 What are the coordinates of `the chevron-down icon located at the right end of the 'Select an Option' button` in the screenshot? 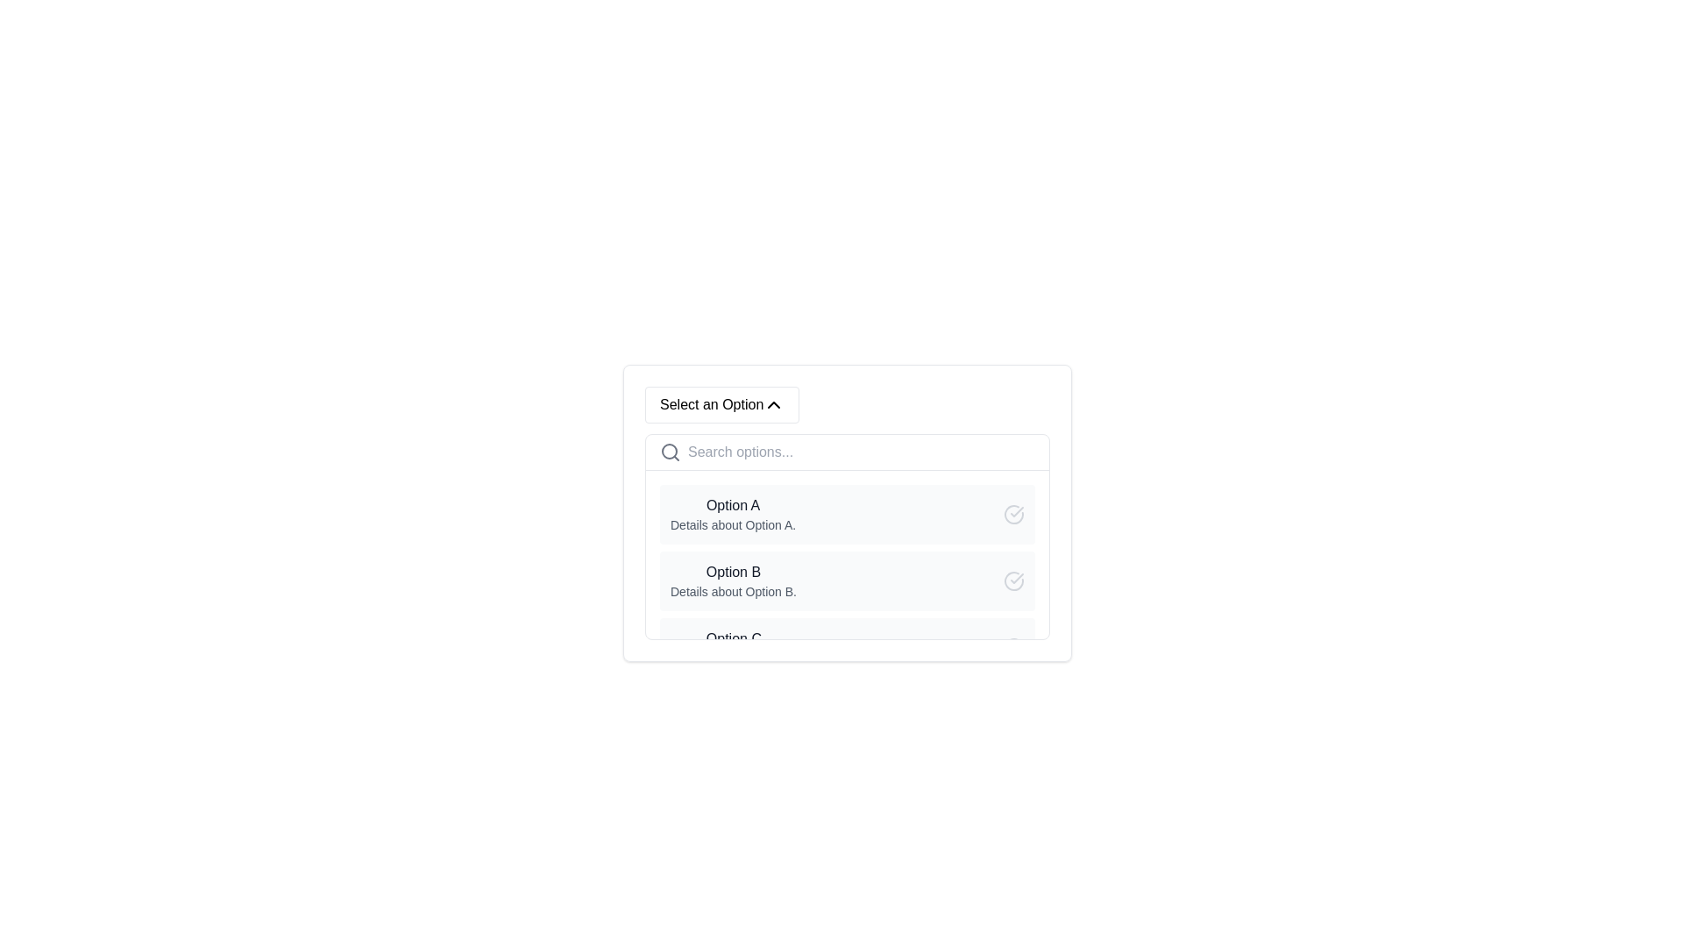 It's located at (773, 405).